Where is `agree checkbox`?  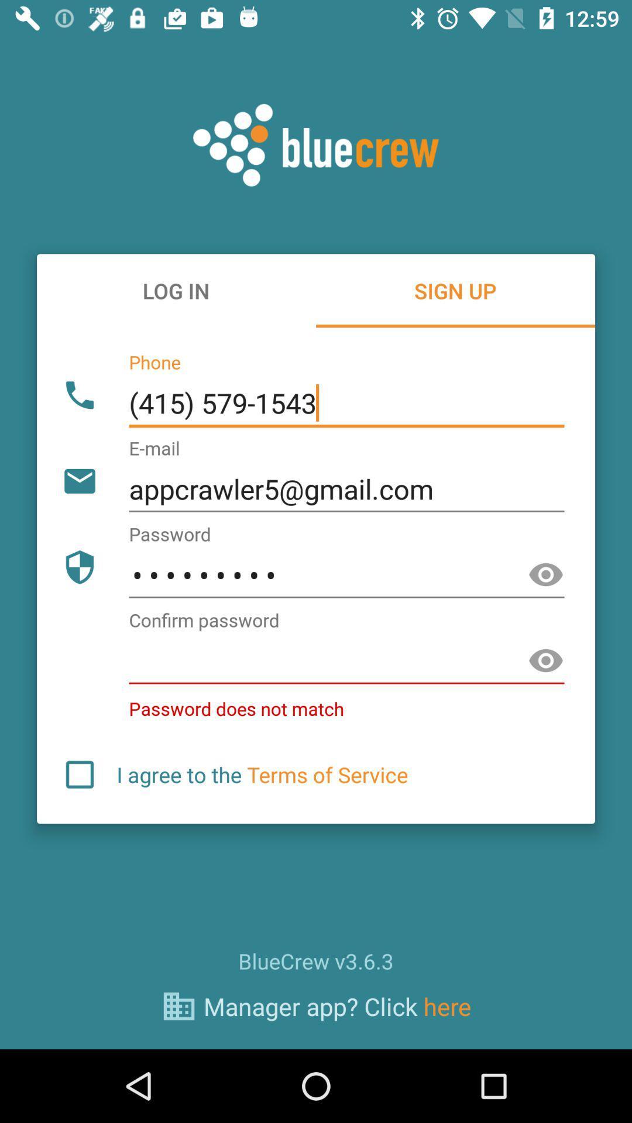
agree checkbox is located at coordinates (79, 774).